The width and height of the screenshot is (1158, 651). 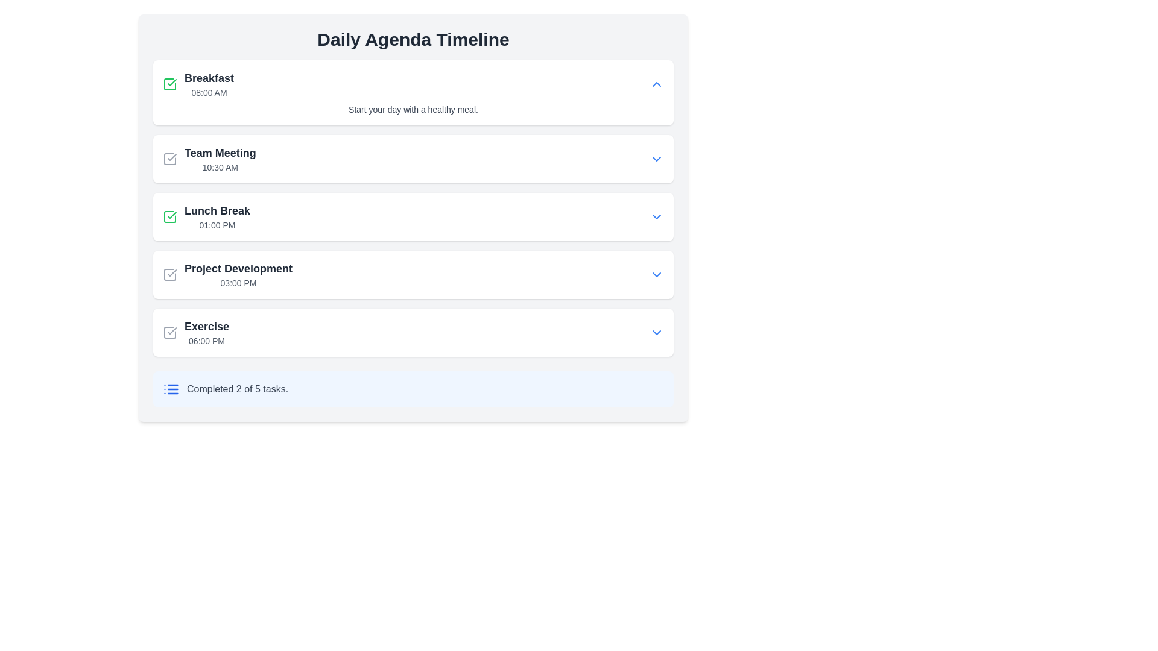 What do you see at coordinates (413, 332) in the screenshot?
I see `the card-like list item displaying the 'Exercise' activity, which is the last item in the list, to potentially mark it as complete or view further details` at bounding box center [413, 332].